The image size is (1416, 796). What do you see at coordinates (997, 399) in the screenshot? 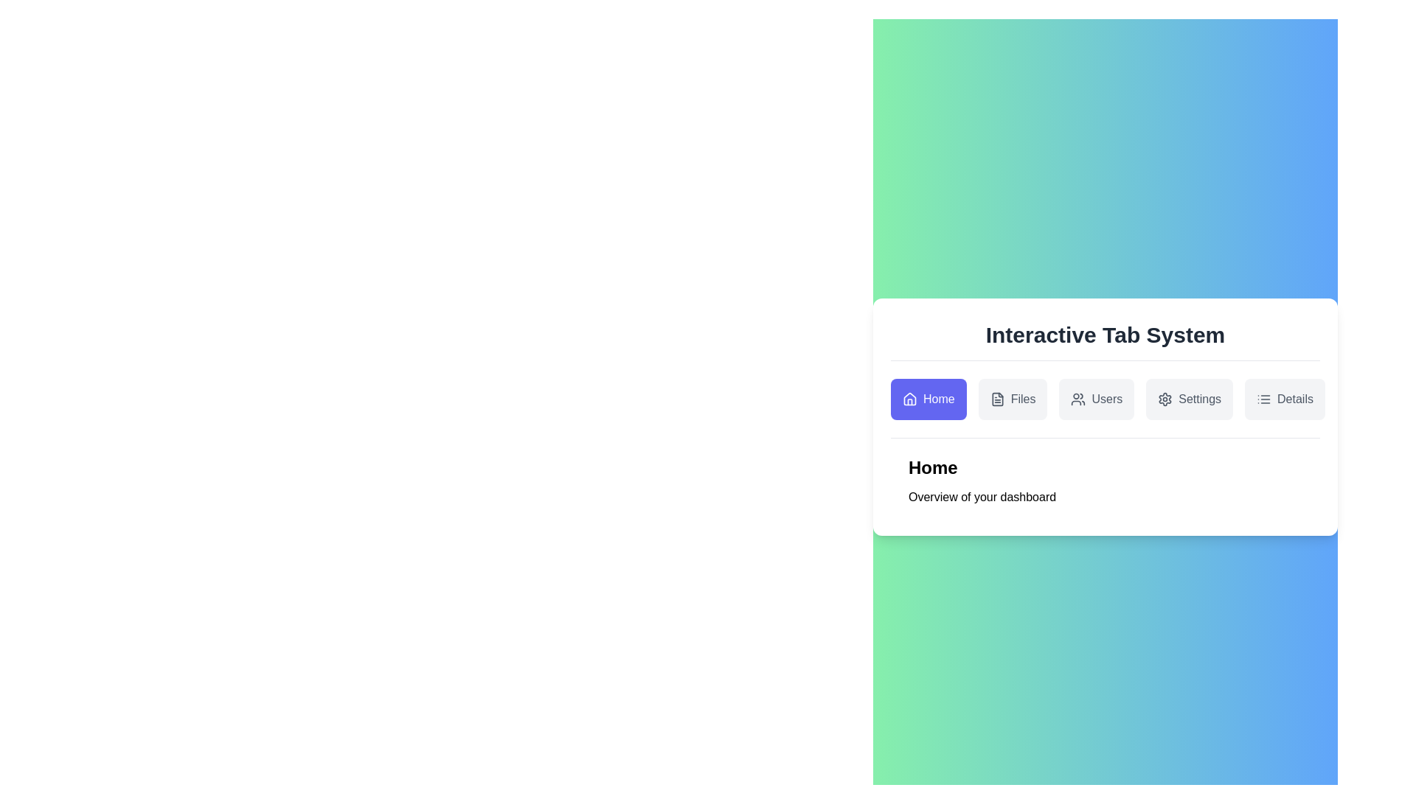
I see `the details of the 'Files' icon located in the second tab of the horizontal navigation menu, adjacent to the 'Files' label` at bounding box center [997, 399].